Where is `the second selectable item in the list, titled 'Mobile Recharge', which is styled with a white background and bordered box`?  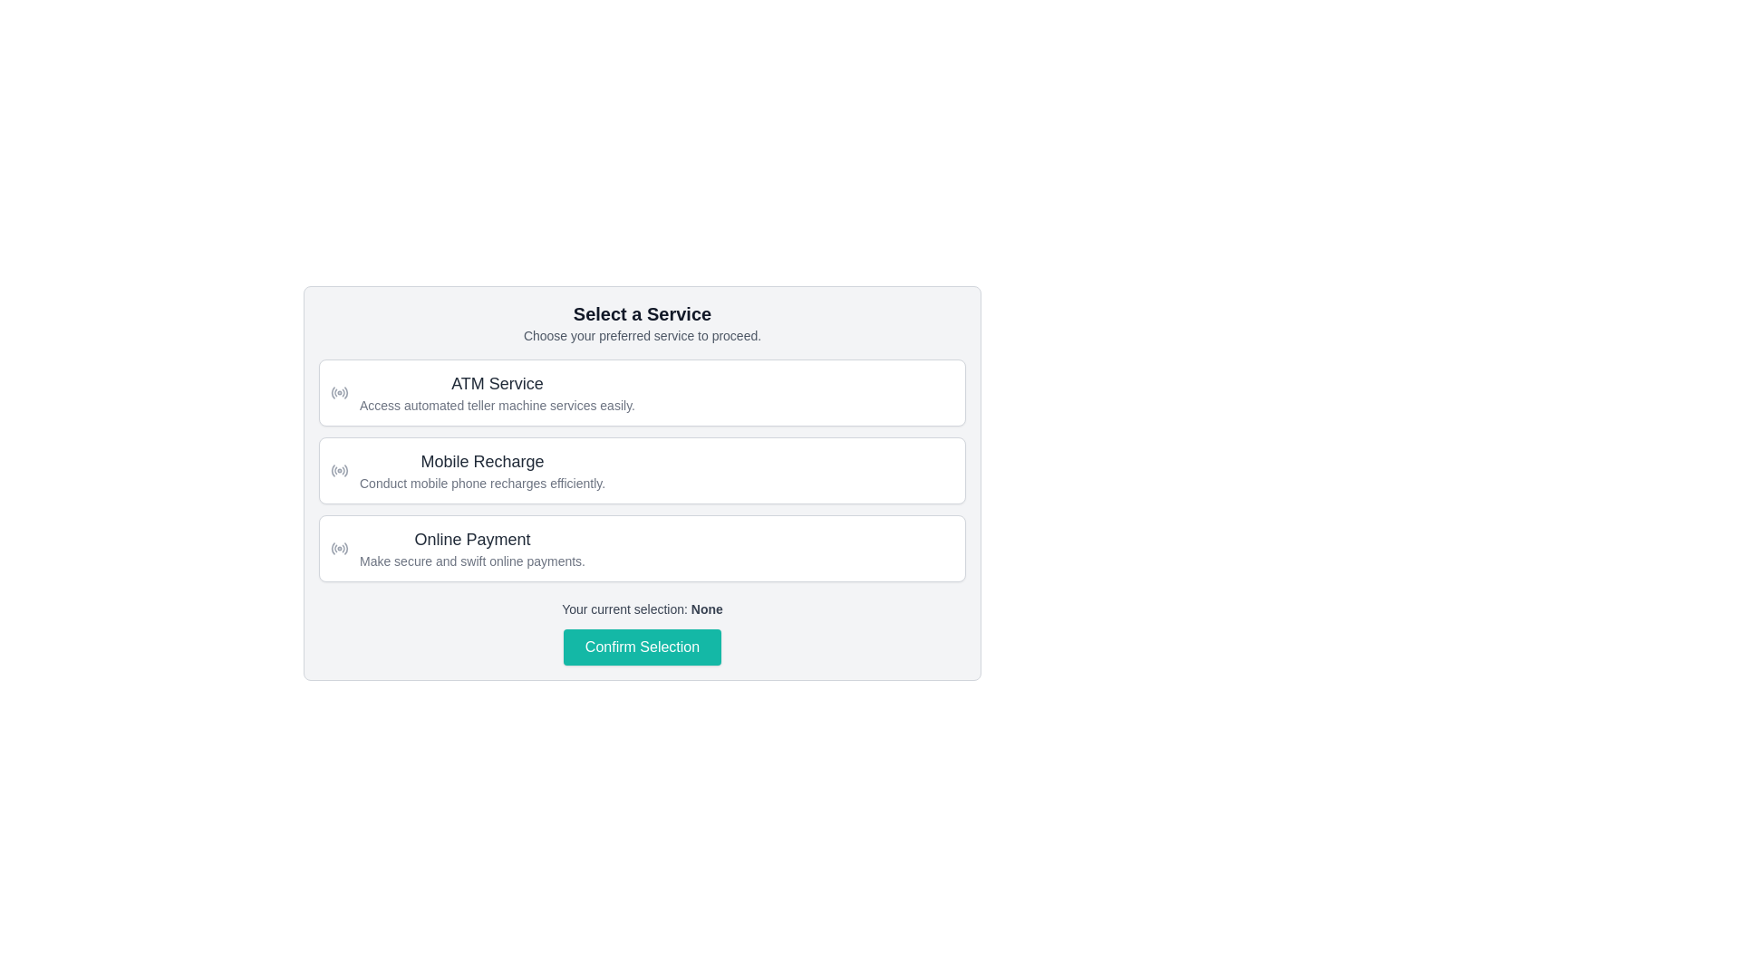
the second selectable item in the list, titled 'Mobile Recharge', which is styled with a white background and bordered box is located at coordinates (643, 470).